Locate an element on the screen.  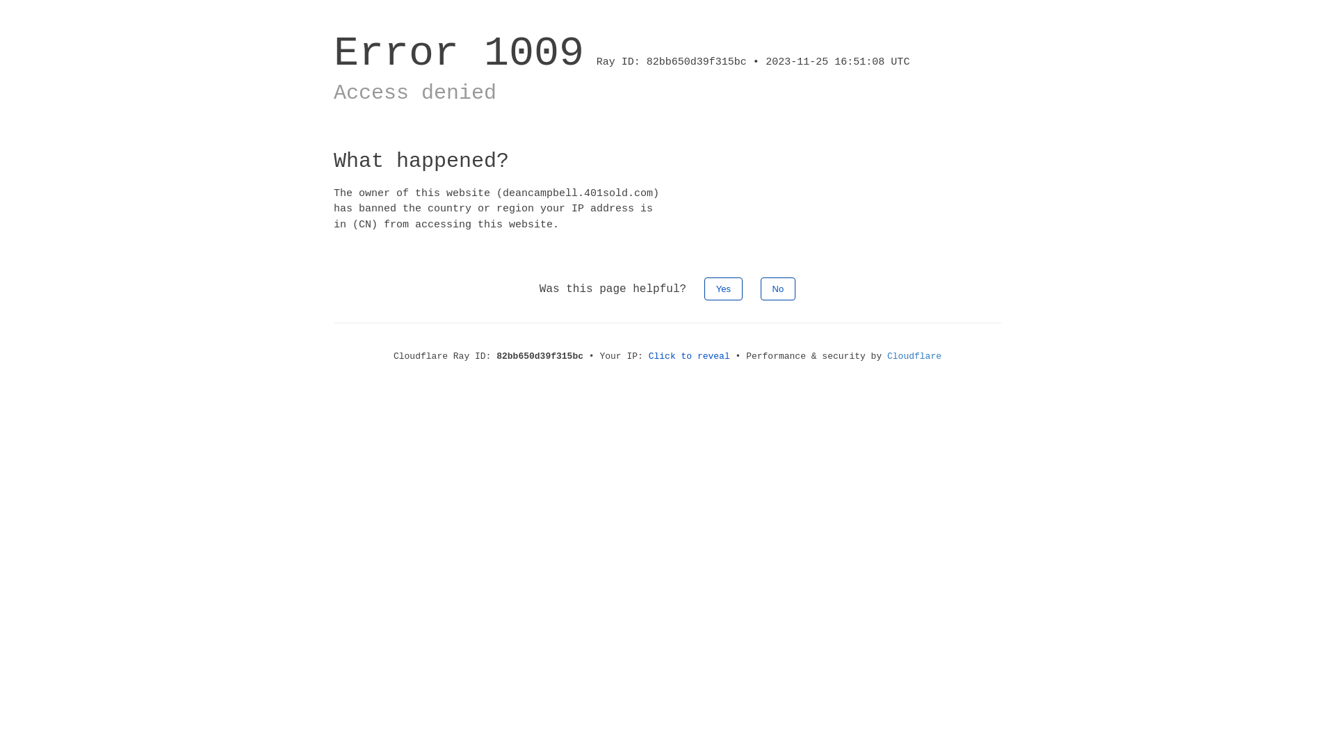
'Click to reveal' is located at coordinates (689, 355).